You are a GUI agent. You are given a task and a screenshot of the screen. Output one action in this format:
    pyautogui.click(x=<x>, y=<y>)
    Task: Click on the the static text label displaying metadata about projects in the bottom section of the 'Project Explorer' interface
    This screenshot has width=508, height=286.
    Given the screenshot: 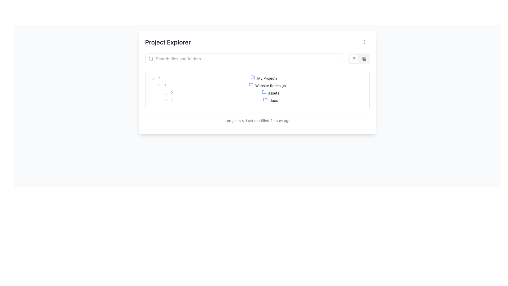 What is the action you would take?
    pyautogui.click(x=257, y=120)
    